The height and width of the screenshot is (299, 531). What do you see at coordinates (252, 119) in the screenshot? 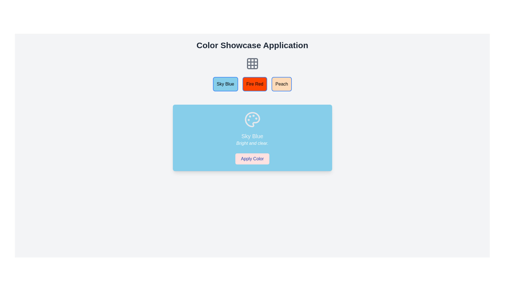
I see `the decorative icon representing a painter's palette, which is styled in gray and located on the blue card labeled 'Sky Blue'` at bounding box center [252, 119].